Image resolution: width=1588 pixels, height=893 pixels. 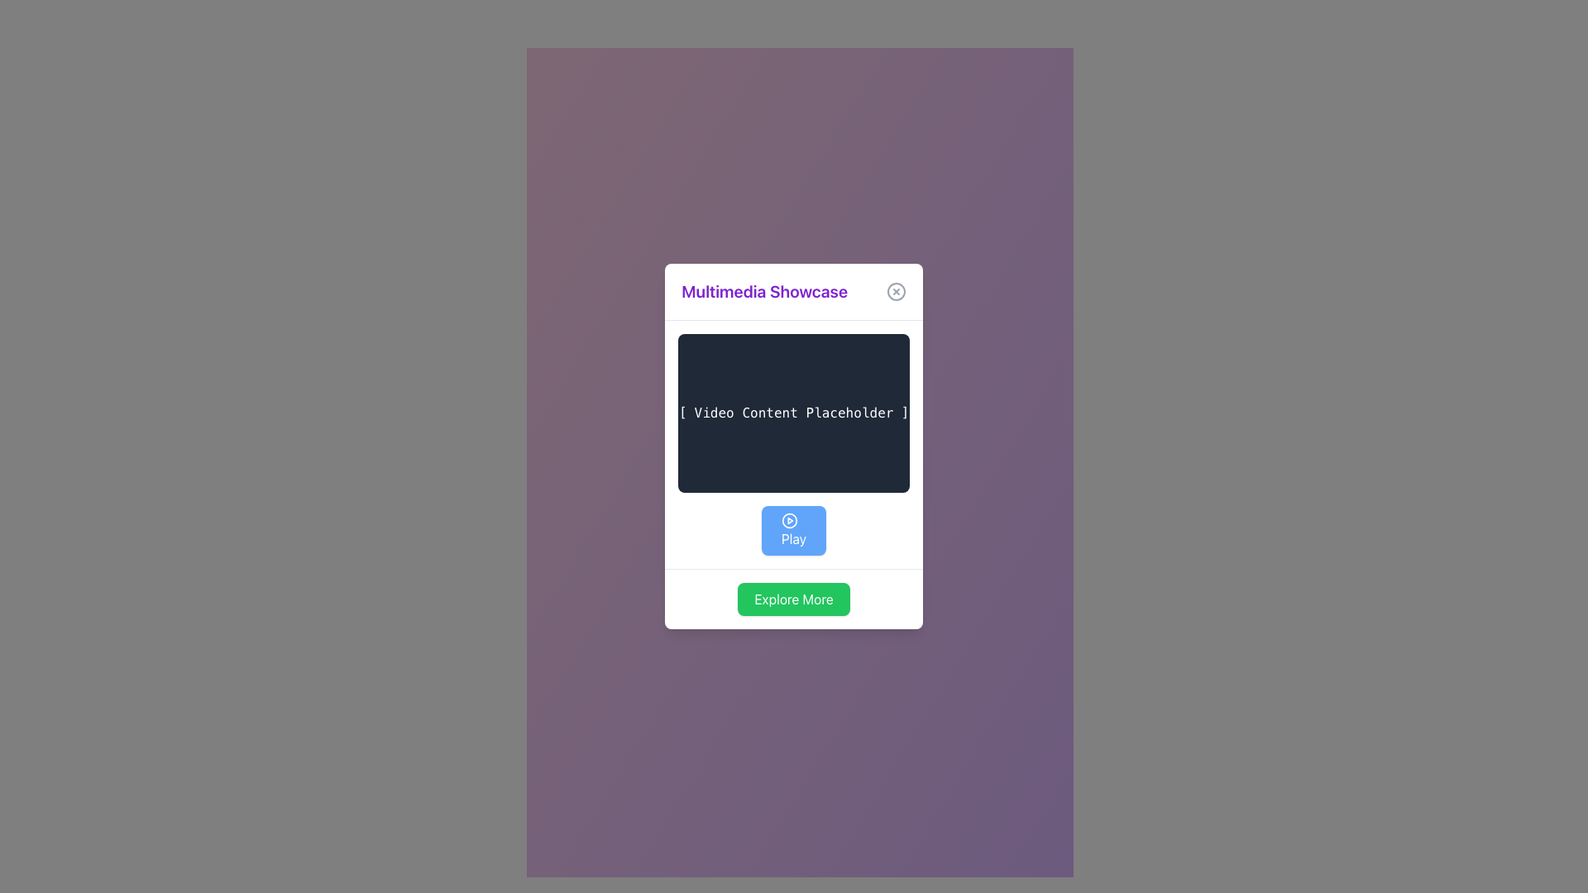 I want to click on text label 'Multimedia Showcase' which is styled as a header in bold purple color, located at the top of the card-like component, so click(x=794, y=291).